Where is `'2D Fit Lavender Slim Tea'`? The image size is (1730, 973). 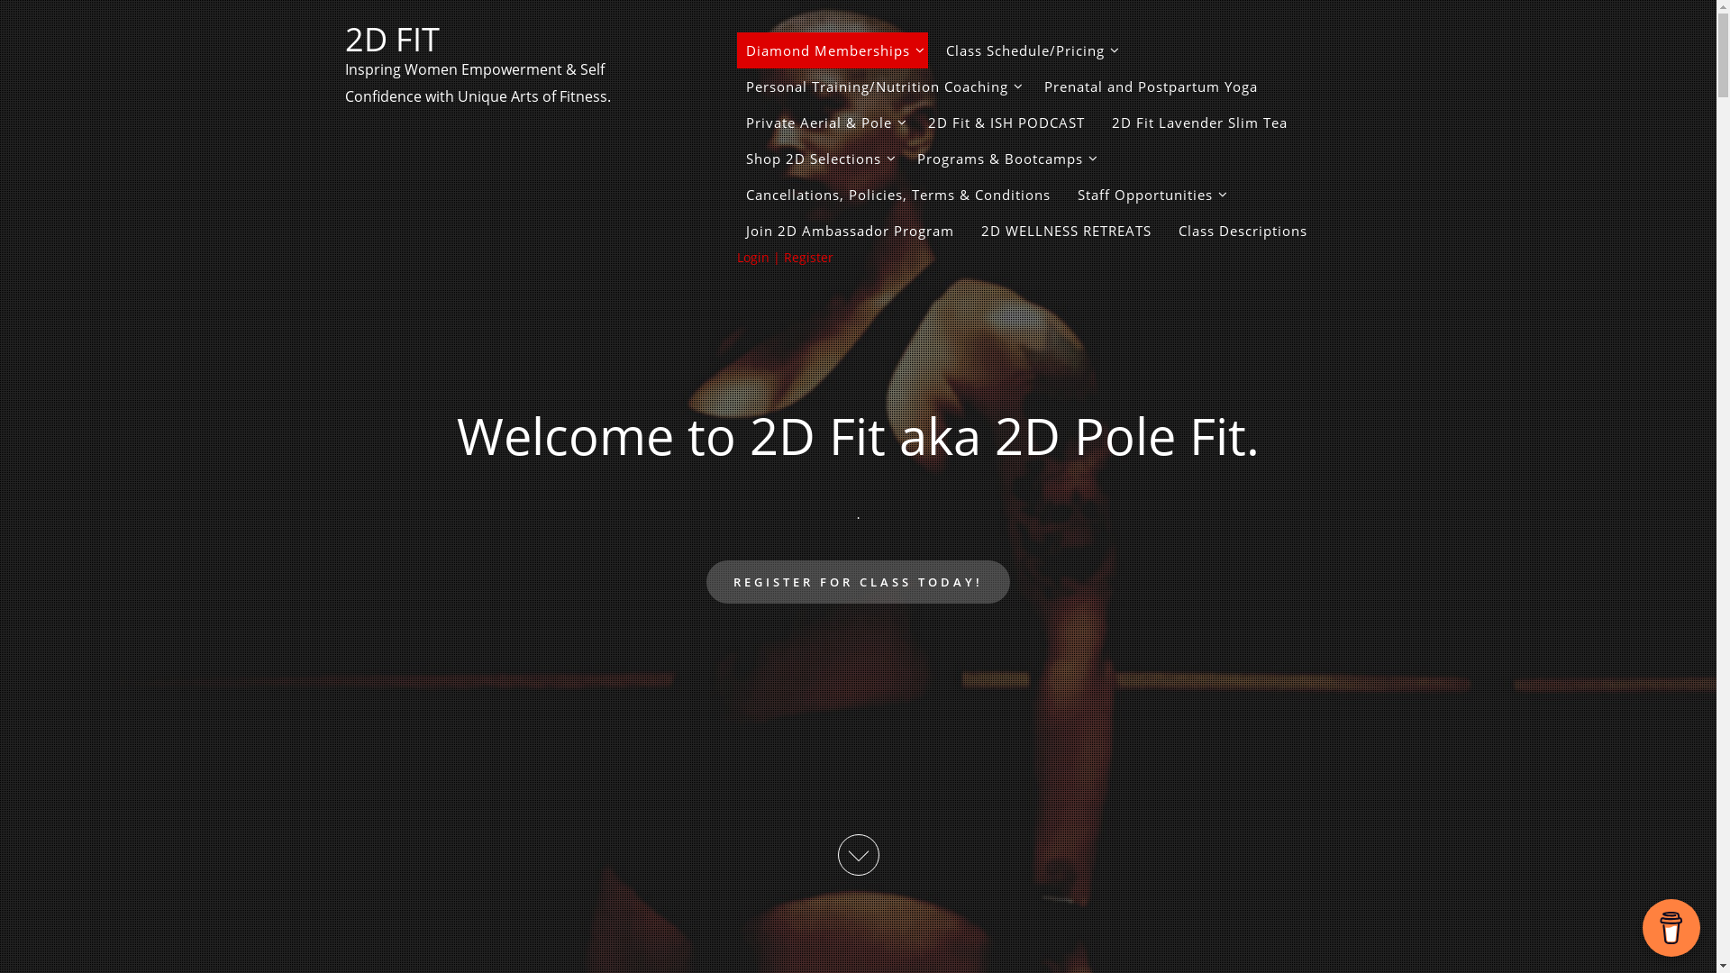
'2D Fit Lavender Slim Tea' is located at coordinates (1199, 122).